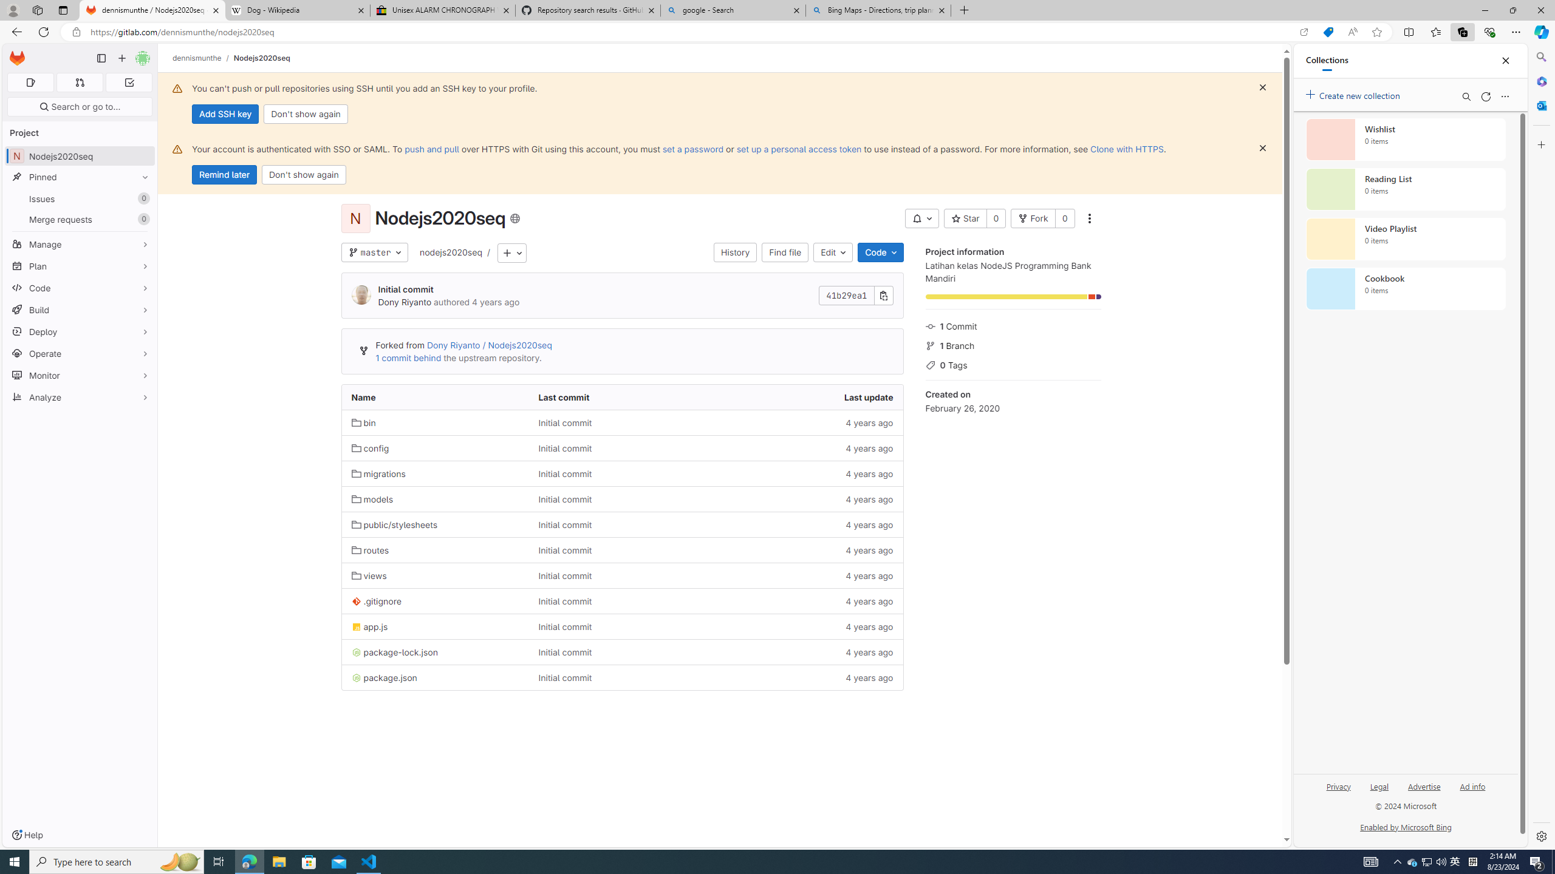 The width and height of the screenshot is (1555, 874). I want to click on 'Issues0', so click(79, 198).